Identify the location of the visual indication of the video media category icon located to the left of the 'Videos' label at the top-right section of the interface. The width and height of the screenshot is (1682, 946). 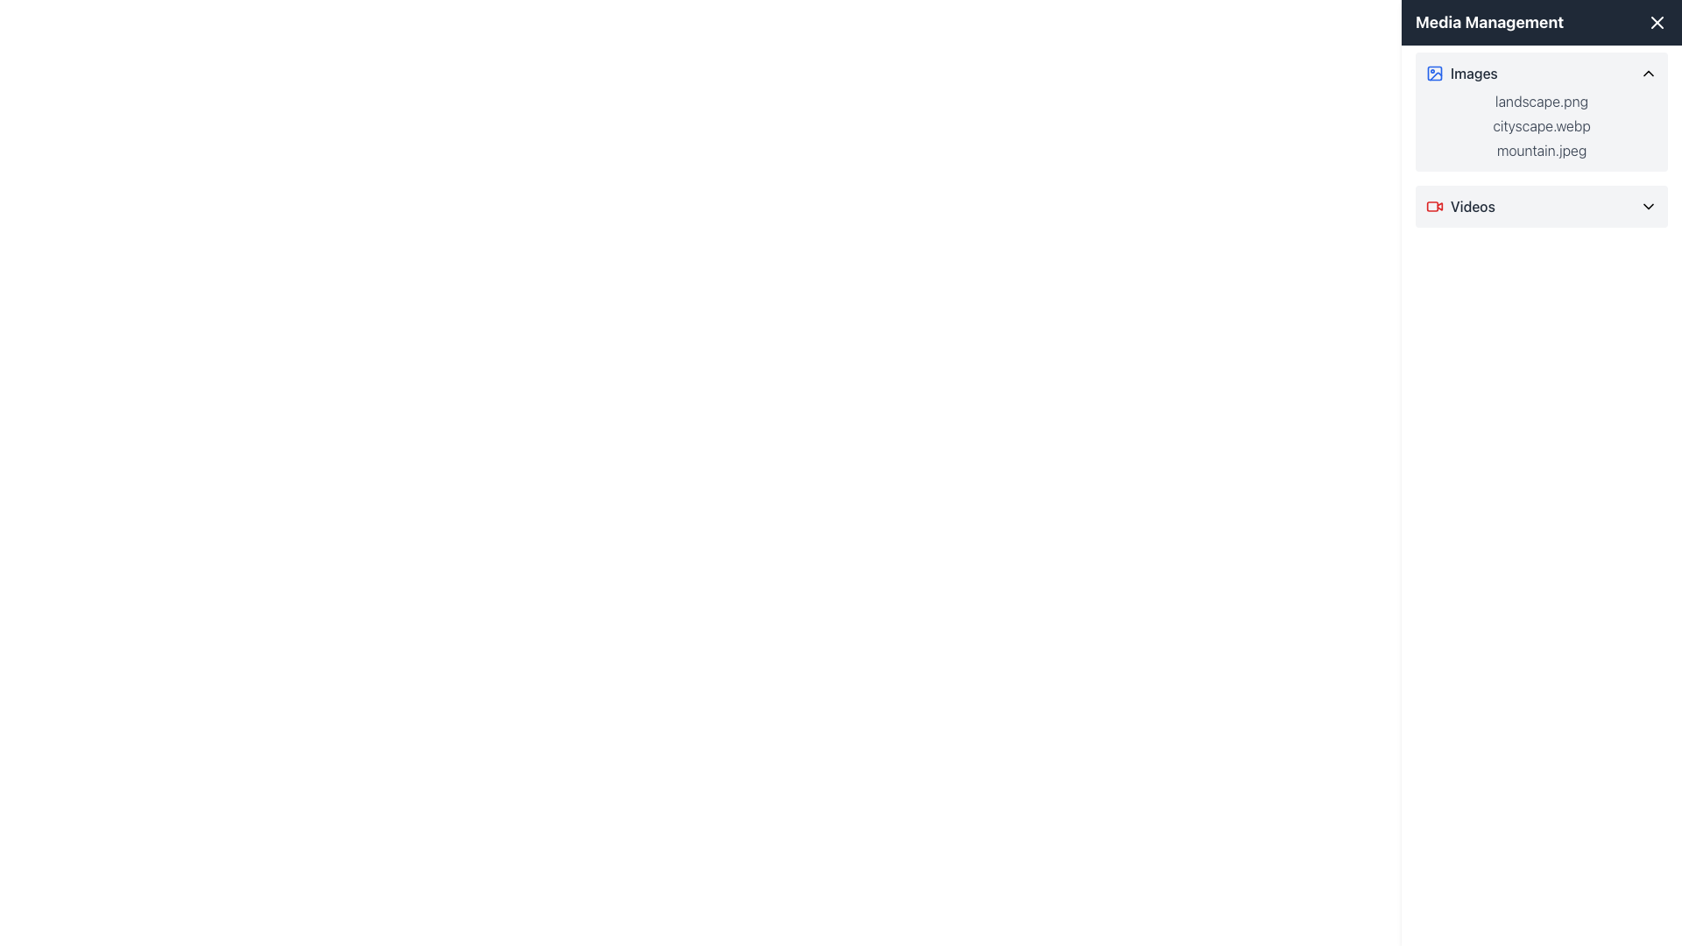
(1434, 205).